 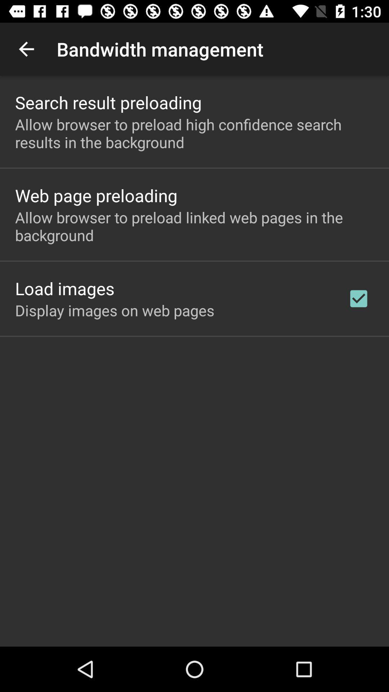 I want to click on the icon above the allow browser to app, so click(x=108, y=102).